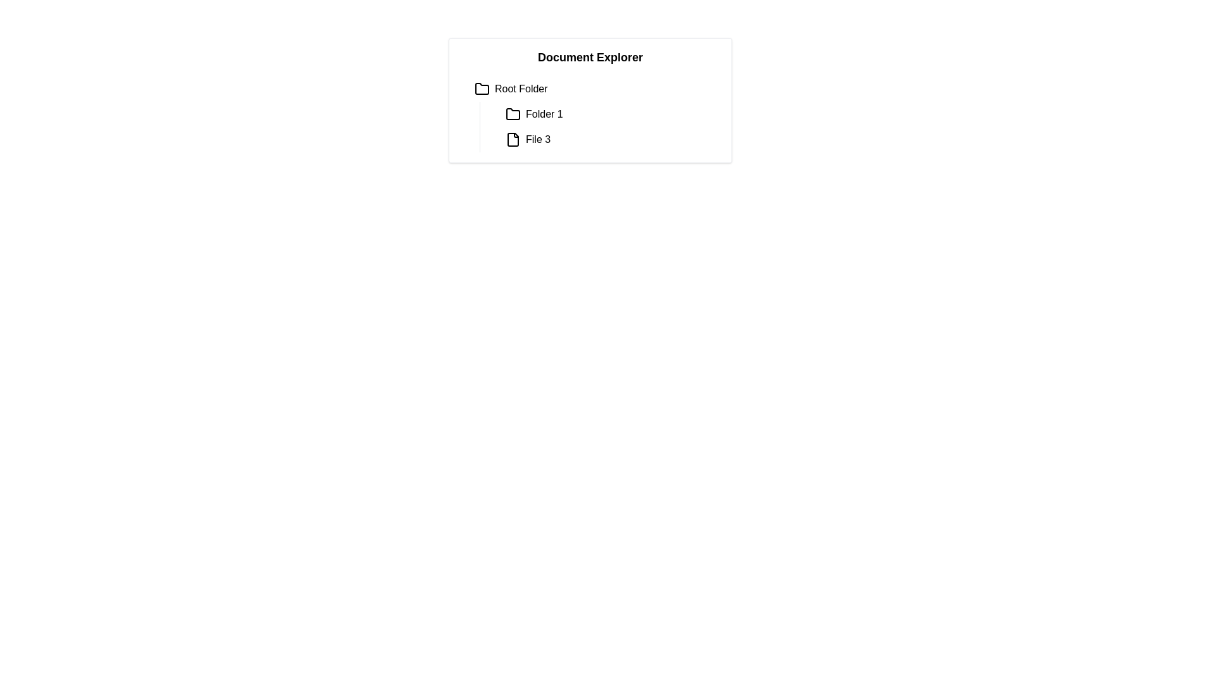  I want to click on the document icon located to the left of the label 'File 3' under the 'Folder 1' hierarchy to focus on it, so click(513, 139).